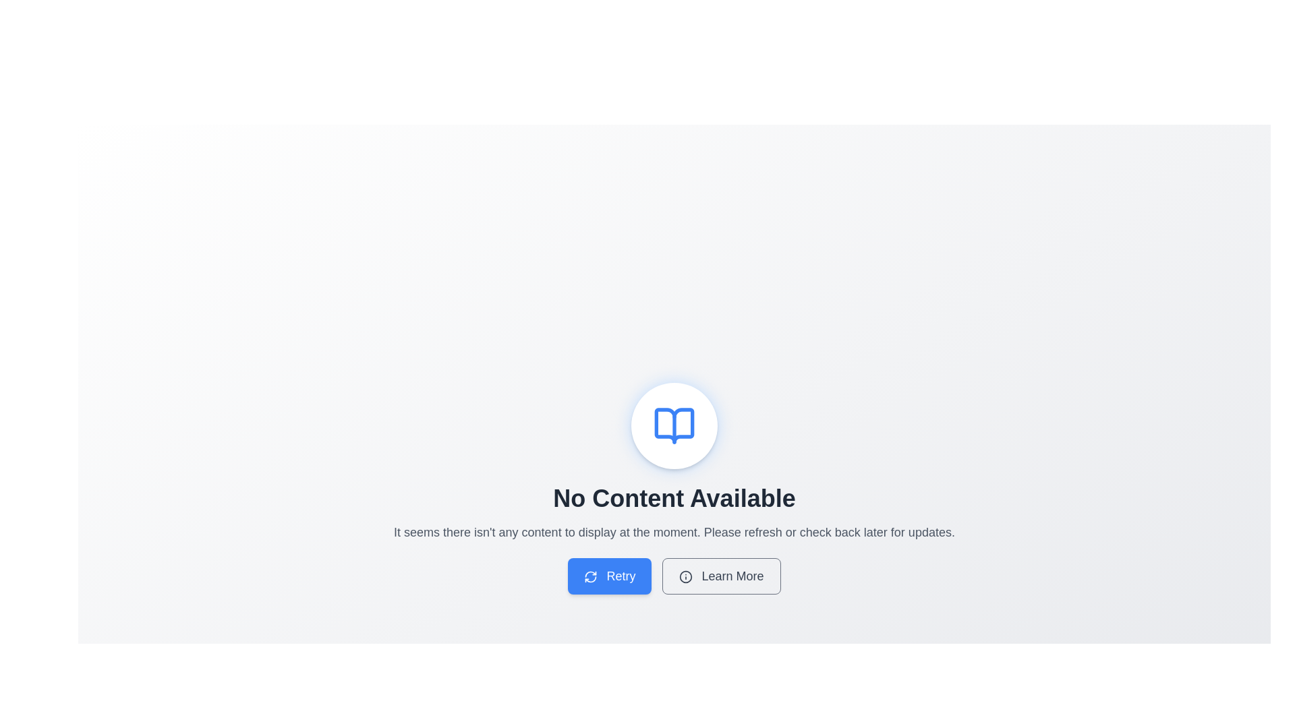  I want to click on the right-hand side portion of the open book icon, so click(674, 426).